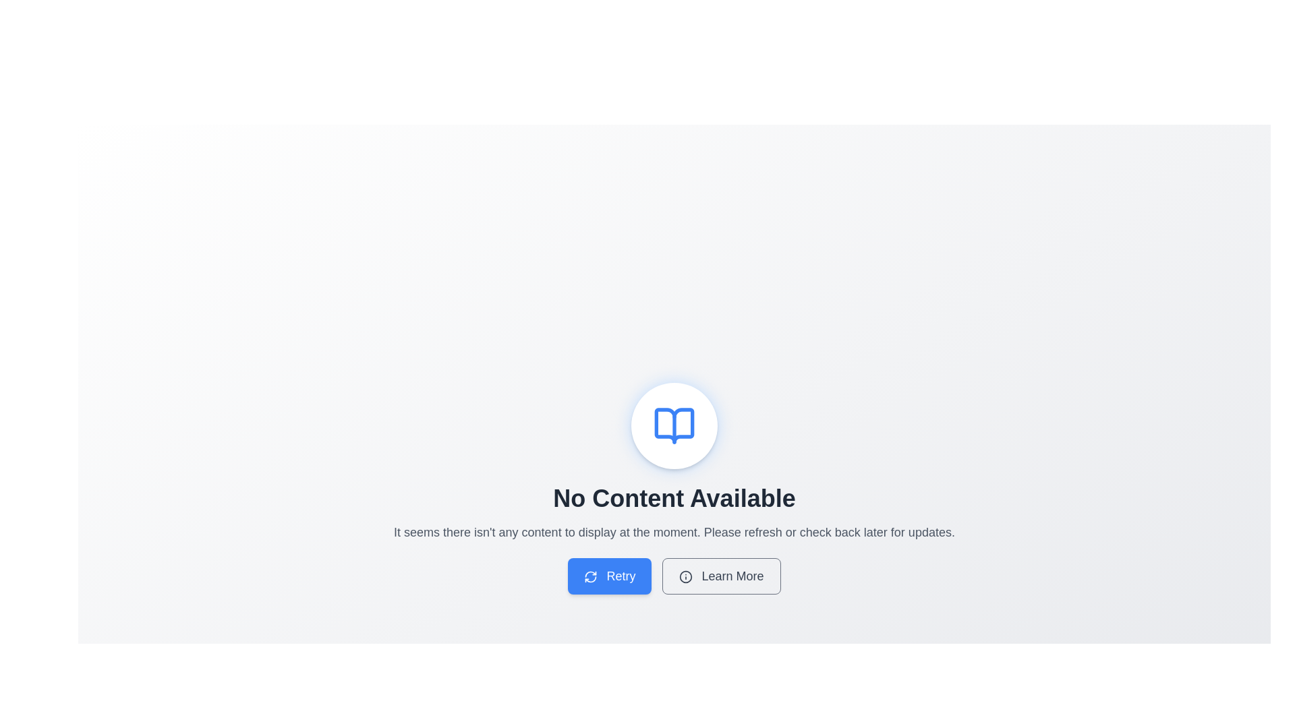  I want to click on the right-hand side portion of the open book icon, so click(674, 426).